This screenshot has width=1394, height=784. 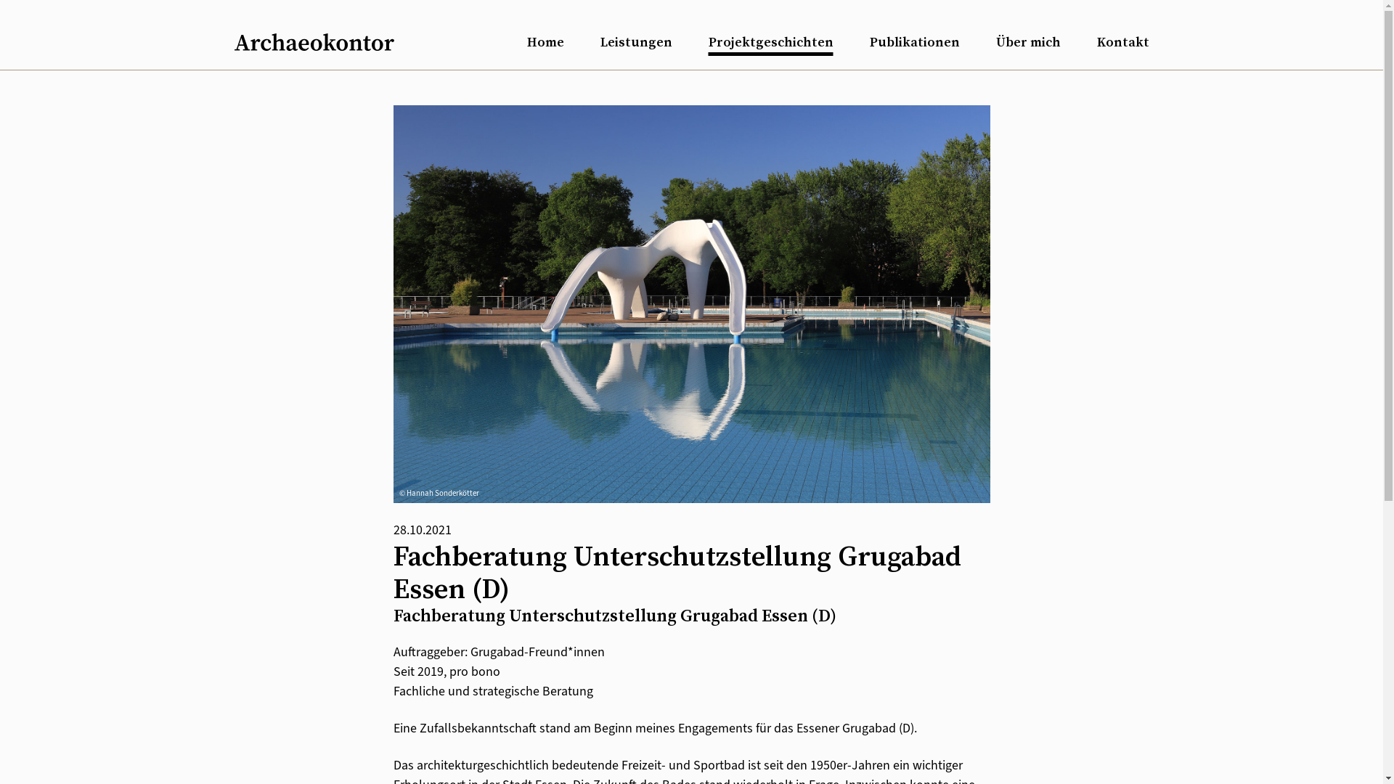 I want to click on 'Projektgeschichten', so click(x=770, y=41).